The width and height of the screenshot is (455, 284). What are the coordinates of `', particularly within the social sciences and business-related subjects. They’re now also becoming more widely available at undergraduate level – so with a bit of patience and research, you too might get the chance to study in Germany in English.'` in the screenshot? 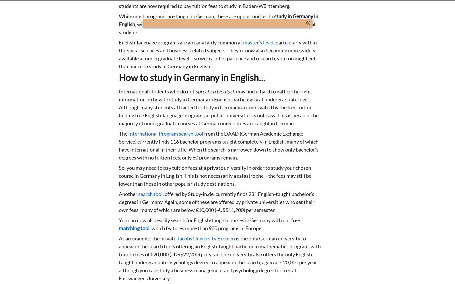 It's located at (218, 54).